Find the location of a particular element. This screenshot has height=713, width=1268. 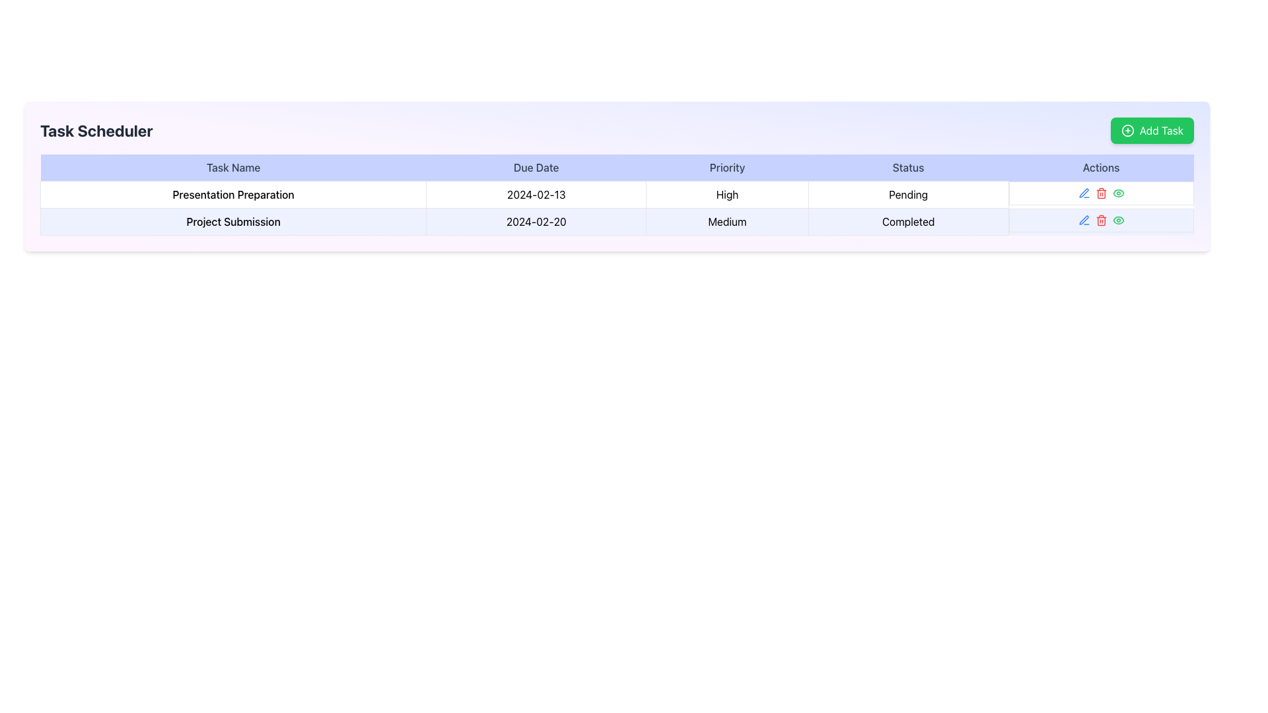

the icon within the 'Add Task' button located in the upper-right corner above the task table is located at coordinates (1127, 130).